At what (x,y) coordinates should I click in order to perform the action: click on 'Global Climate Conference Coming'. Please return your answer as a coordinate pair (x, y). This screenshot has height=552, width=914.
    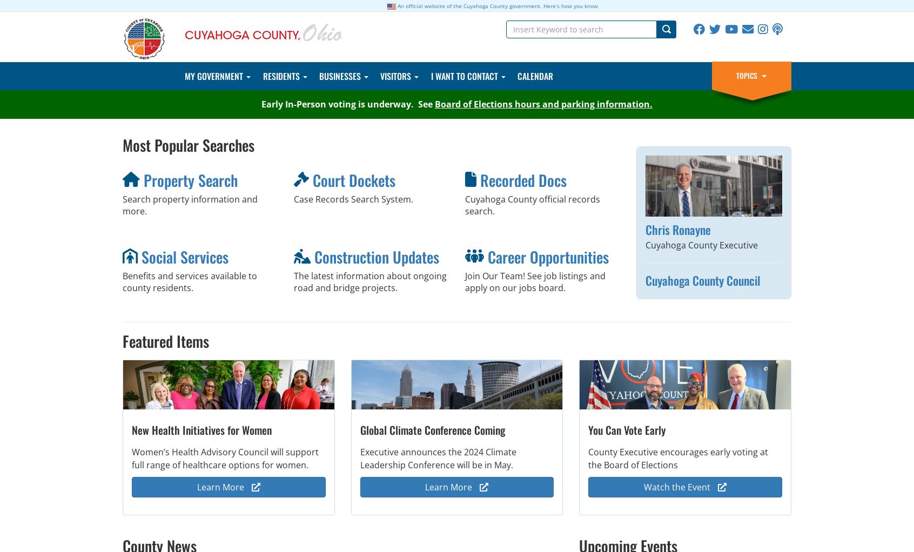
    Looking at the image, I should click on (432, 430).